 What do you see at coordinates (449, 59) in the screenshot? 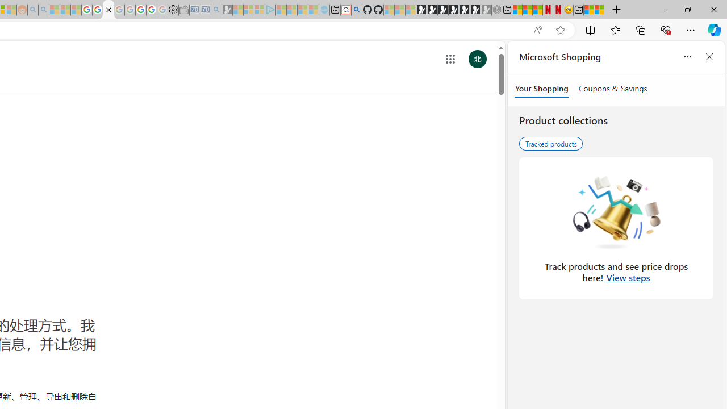
I see `'Class: gb_E'` at bounding box center [449, 59].